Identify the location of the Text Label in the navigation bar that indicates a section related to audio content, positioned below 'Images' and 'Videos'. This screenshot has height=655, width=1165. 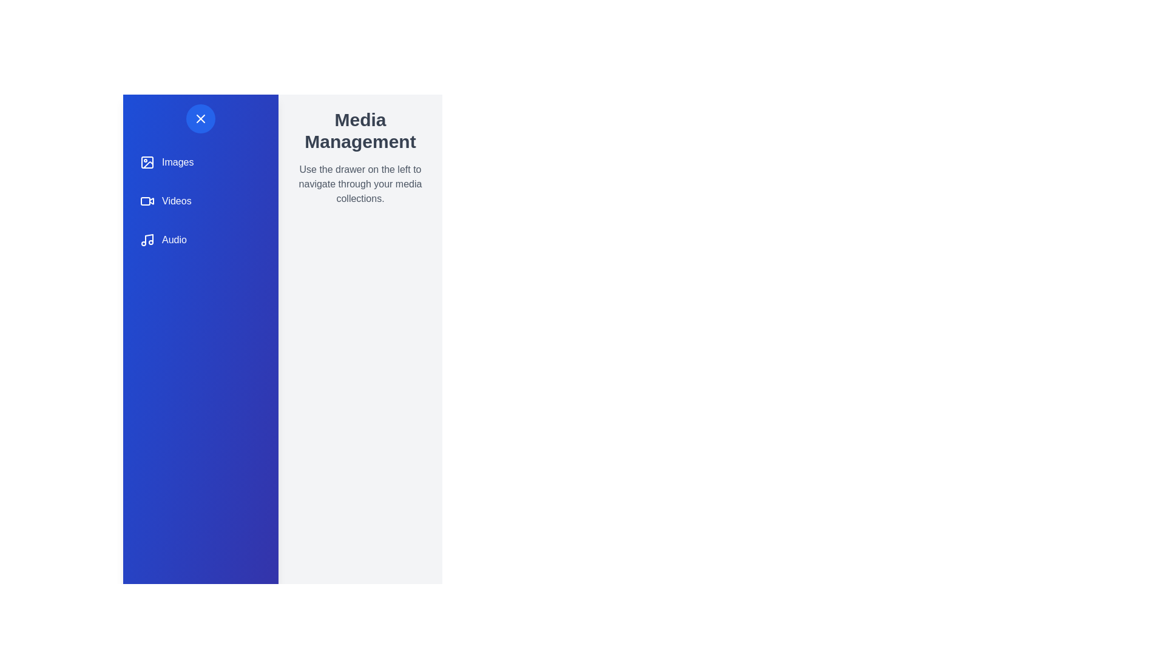
(174, 240).